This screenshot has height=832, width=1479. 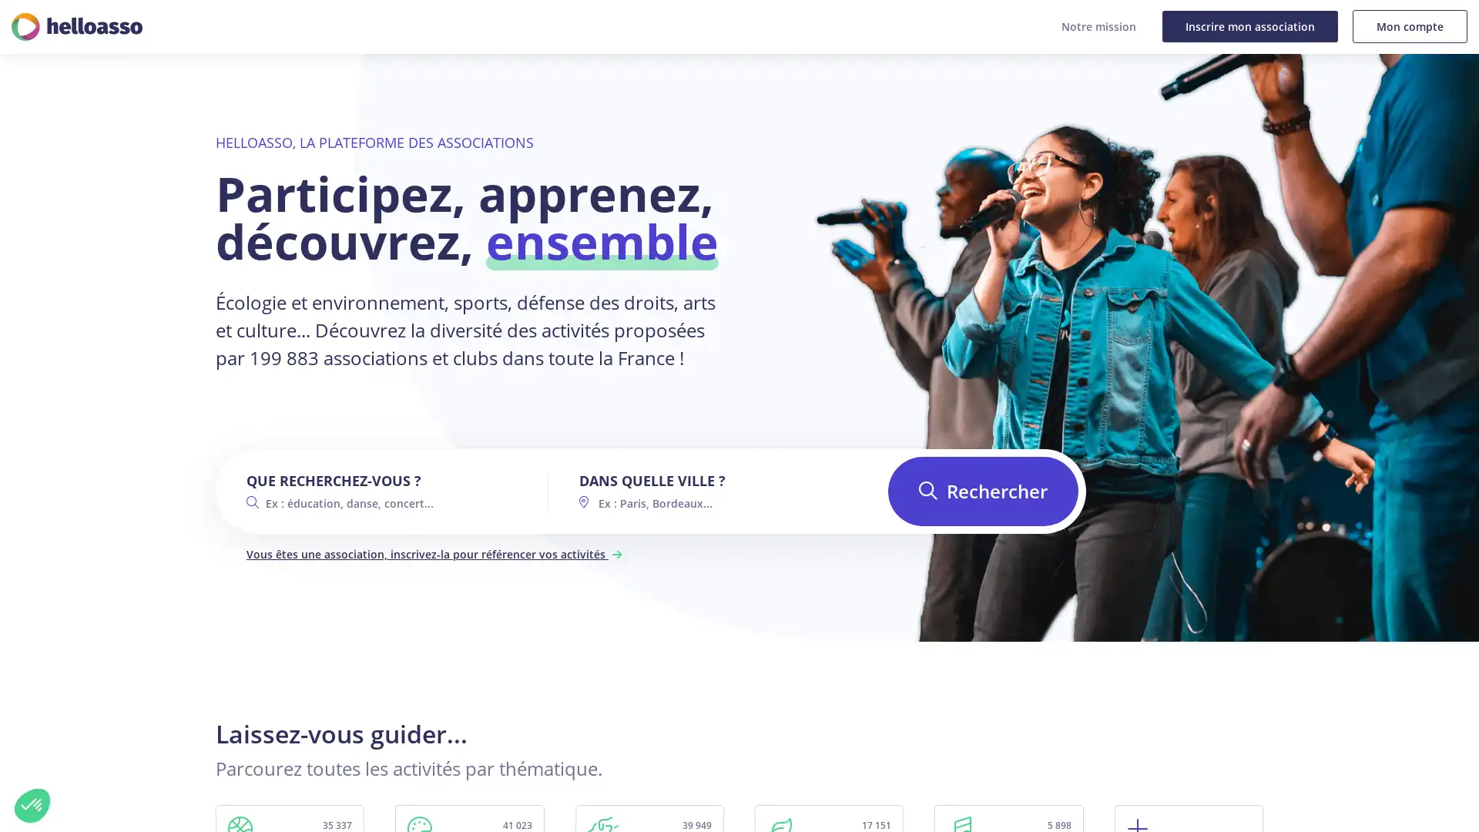 I want to click on Non merci, so click(x=69, y=753).